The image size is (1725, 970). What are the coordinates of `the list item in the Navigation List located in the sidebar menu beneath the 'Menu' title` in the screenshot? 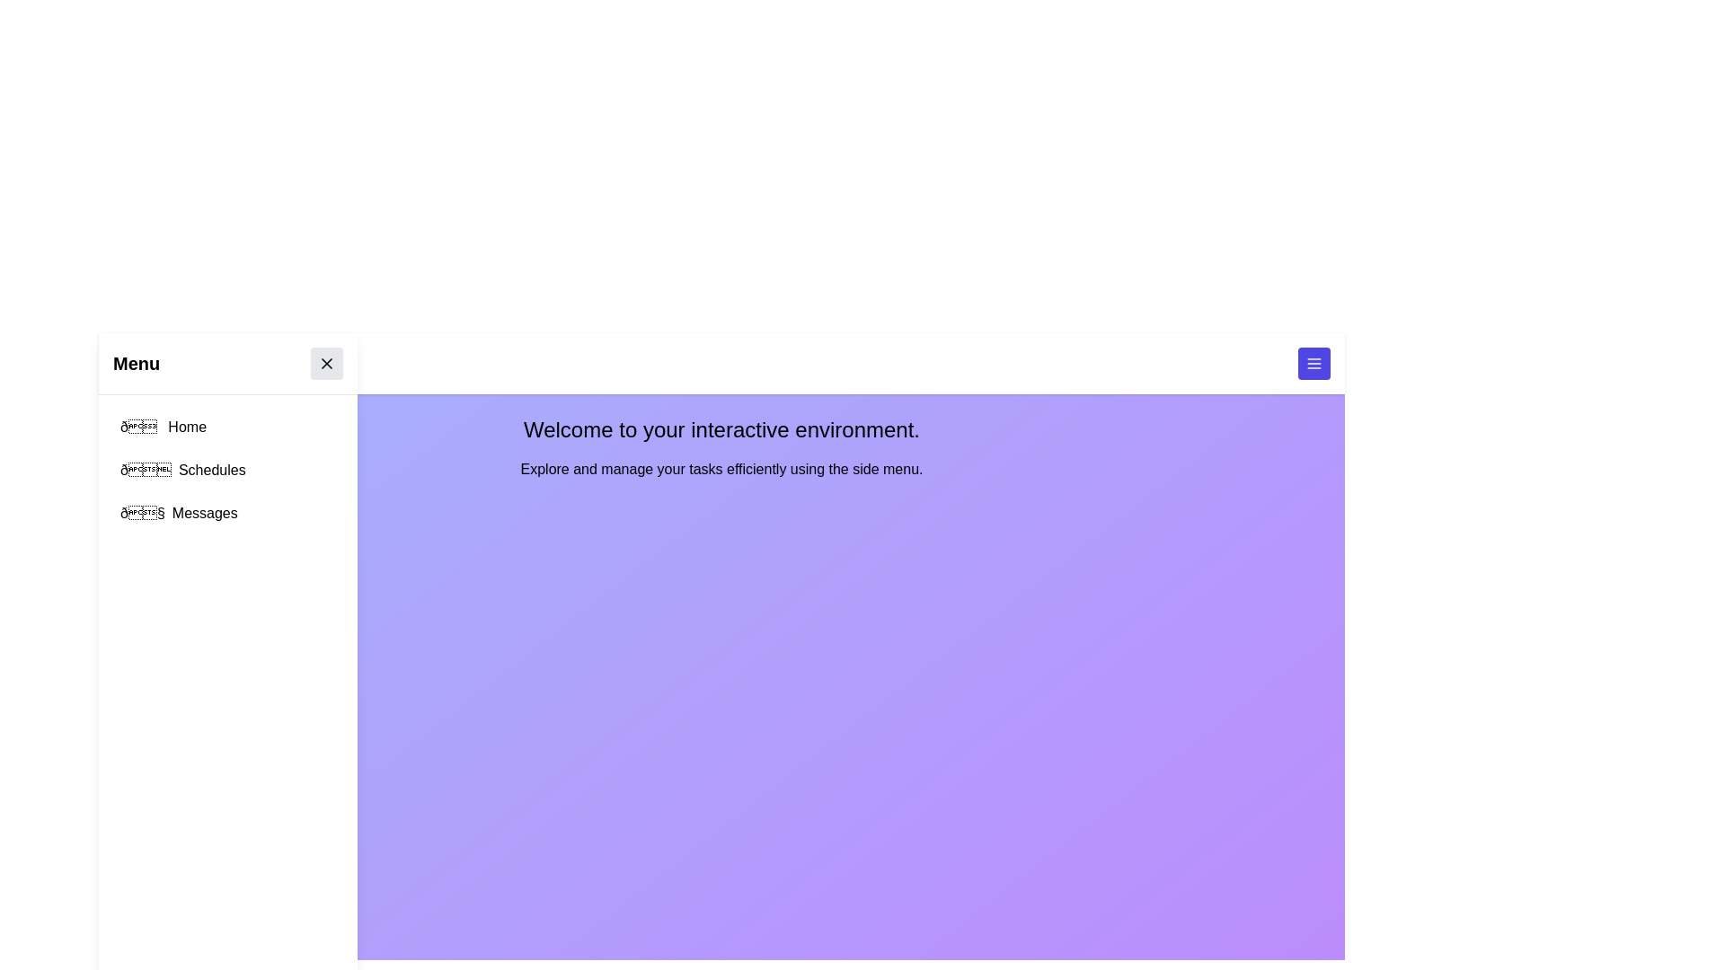 It's located at (227, 470).